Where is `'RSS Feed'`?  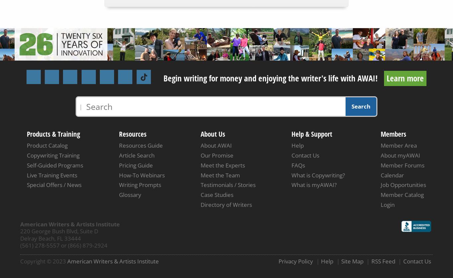 'RSS Feed' is located at coordinates (383, 261).